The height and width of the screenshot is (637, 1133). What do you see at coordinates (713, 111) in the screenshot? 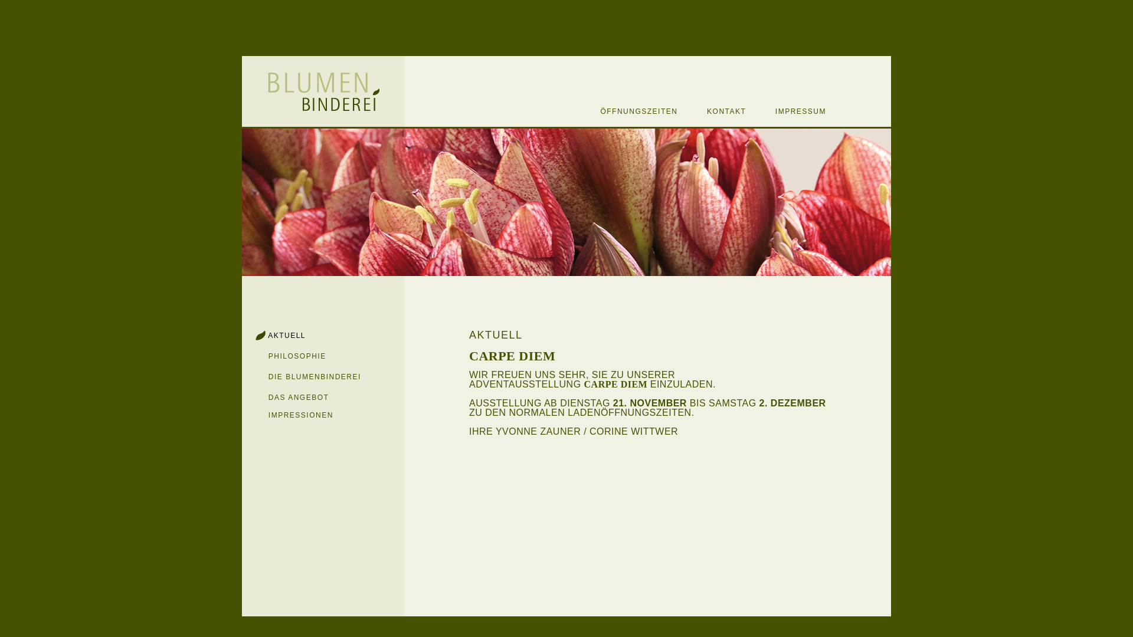
I see `' KONTAKT'` at bounding box center [713, 111].